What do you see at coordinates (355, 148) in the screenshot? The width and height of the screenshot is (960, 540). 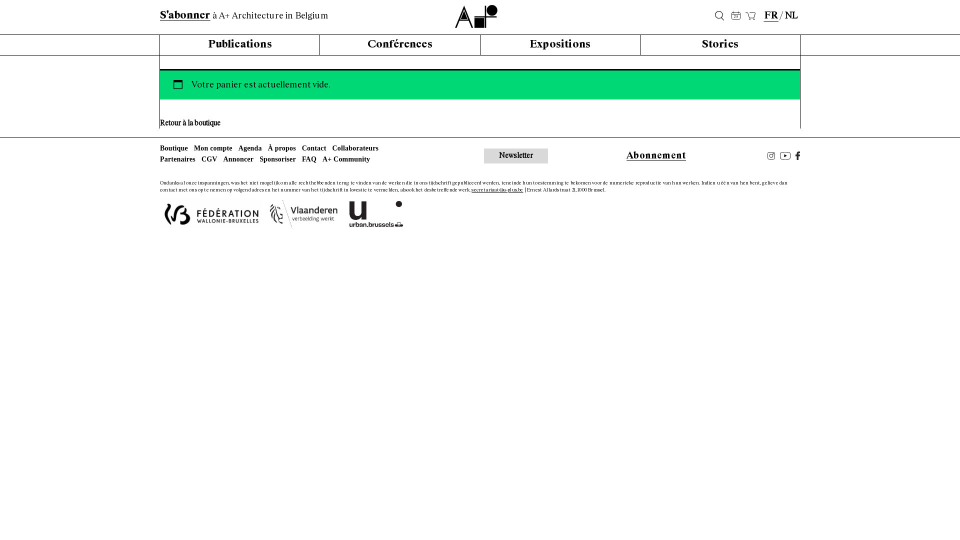 I see `'Collaborateurs'` at bounding box center [355, 148].